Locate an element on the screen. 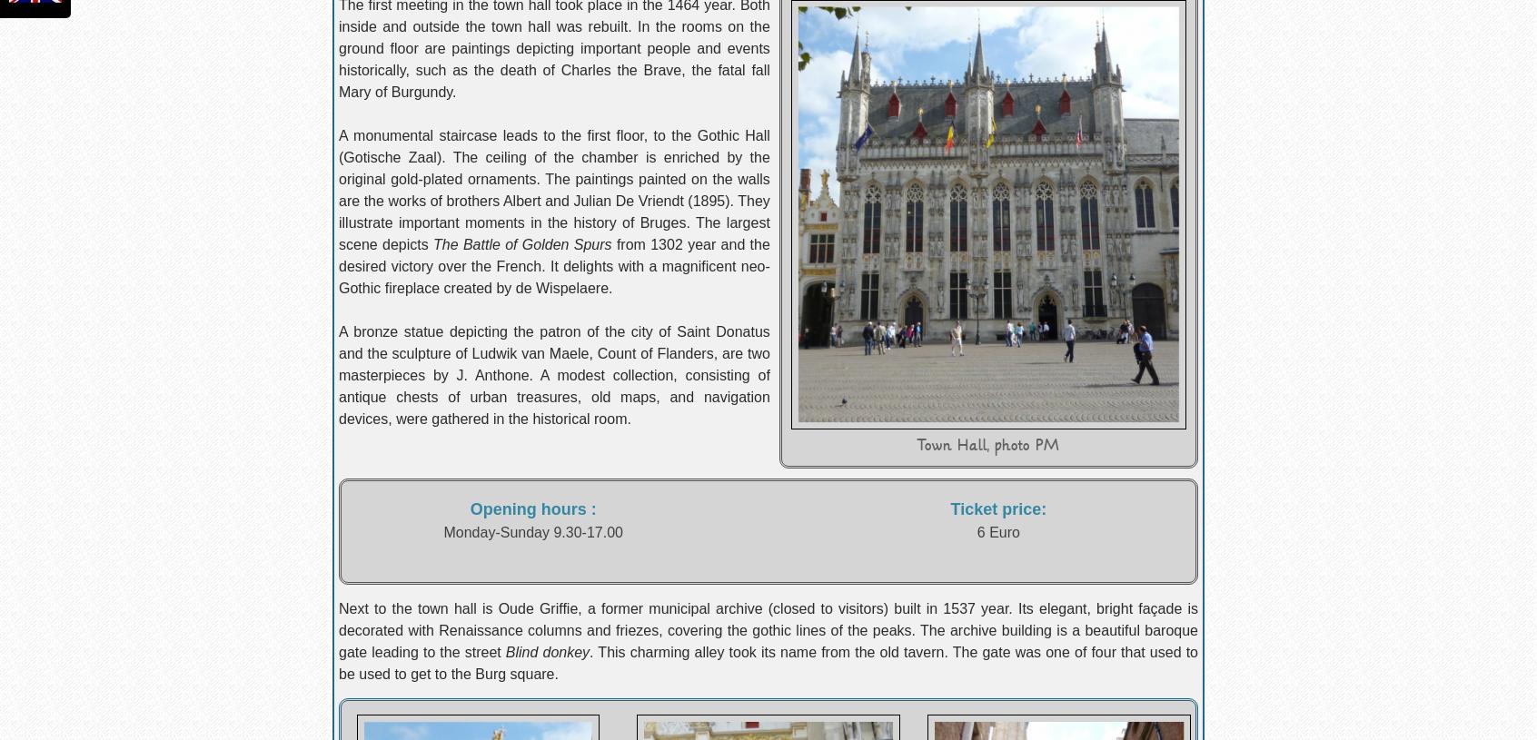  'Blind donkey' is located at coordinates (546, 652).